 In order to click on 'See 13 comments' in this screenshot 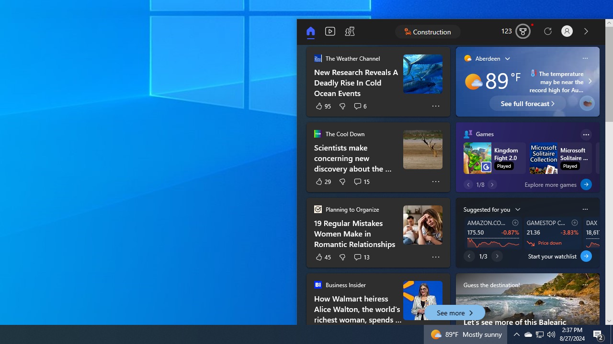, I will do `click(361, 257)`.